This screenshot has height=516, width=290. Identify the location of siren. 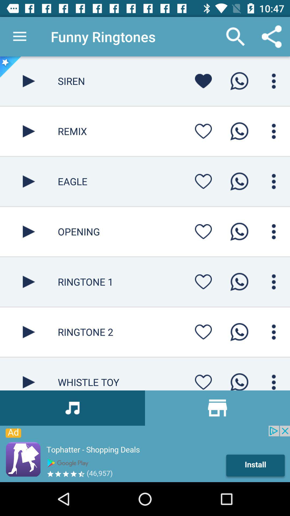
(29, 81).